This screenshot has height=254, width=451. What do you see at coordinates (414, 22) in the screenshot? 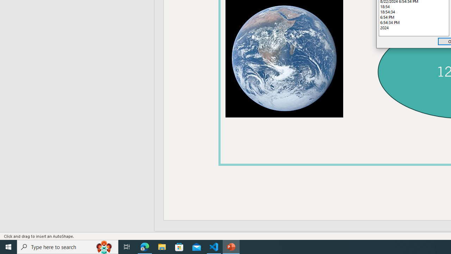
I see `'6:54:34 PM'` at bounding box center [414, 22].